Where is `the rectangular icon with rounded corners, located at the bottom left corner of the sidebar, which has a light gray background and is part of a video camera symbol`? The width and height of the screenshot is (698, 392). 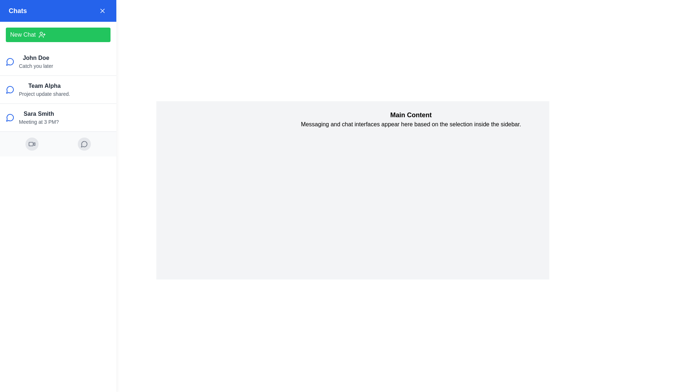
the rectangular icon with rounded corners, located at the bottom left corner of the sidebar, which has a light gray background and is part of a video camera symbol is located at coordinates (31, 144).